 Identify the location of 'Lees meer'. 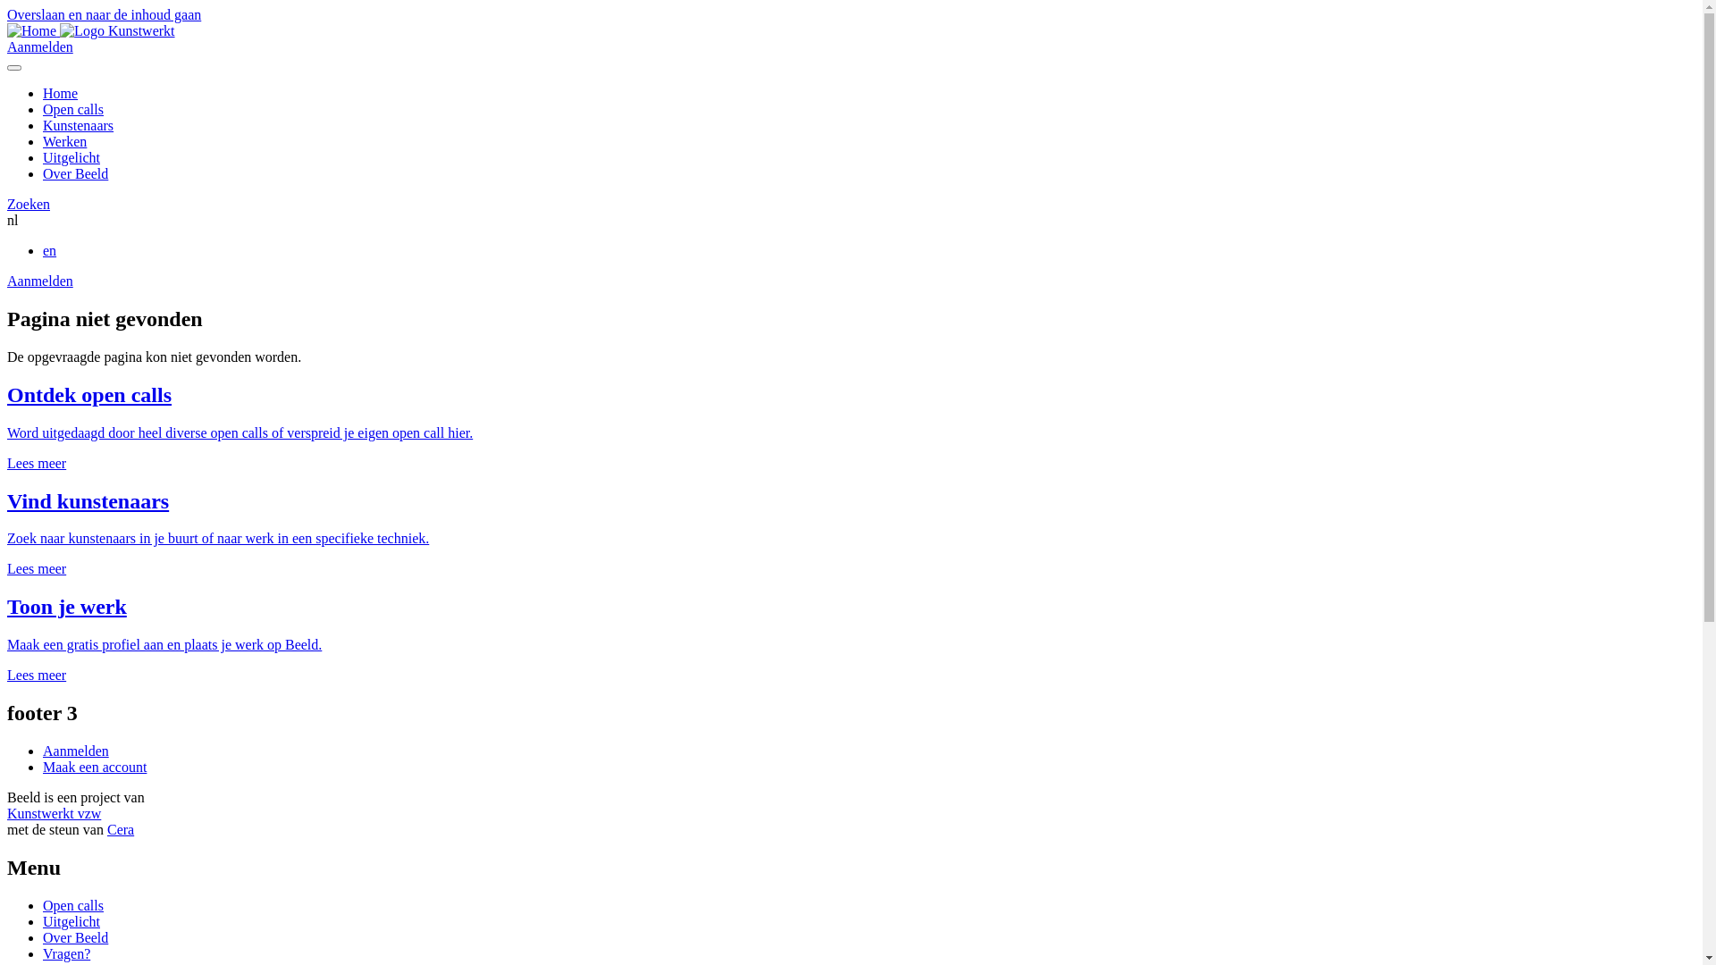
(37, 568).